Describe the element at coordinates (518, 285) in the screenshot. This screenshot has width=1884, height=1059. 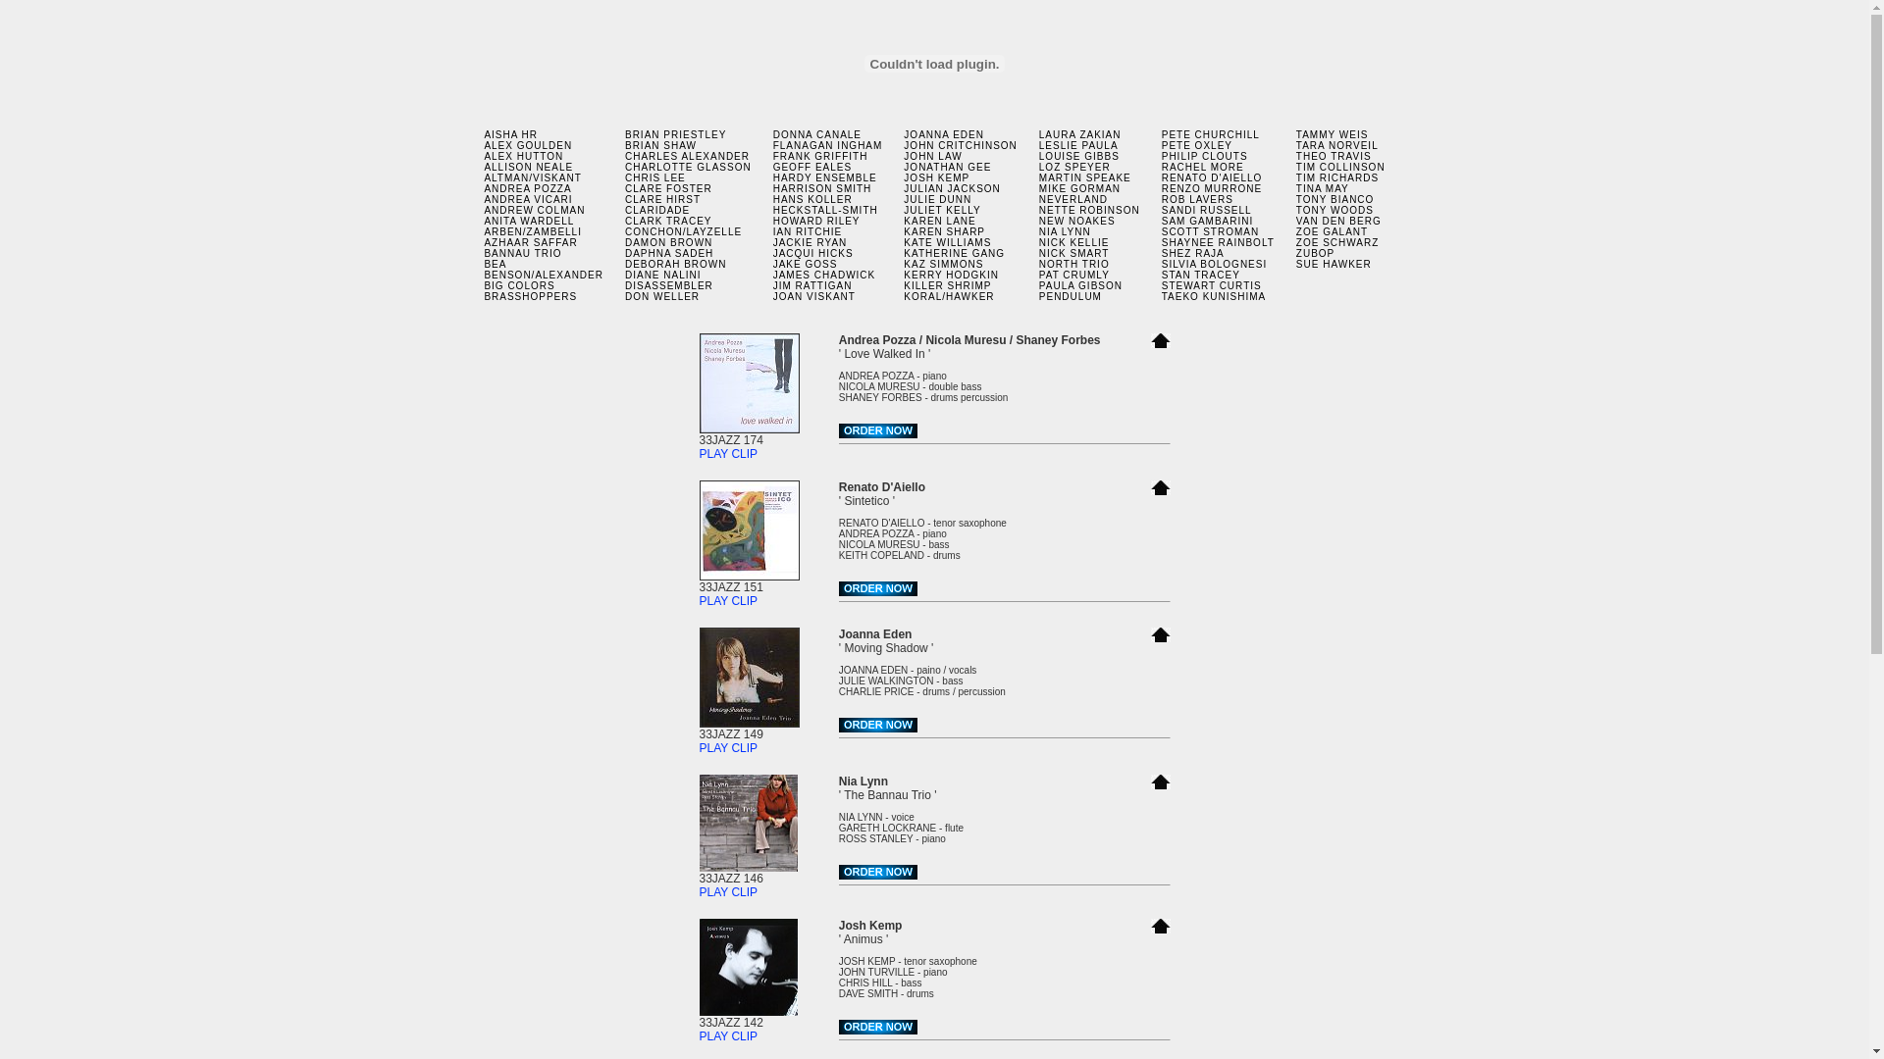
I see `'BIG COLORS'` at that location.